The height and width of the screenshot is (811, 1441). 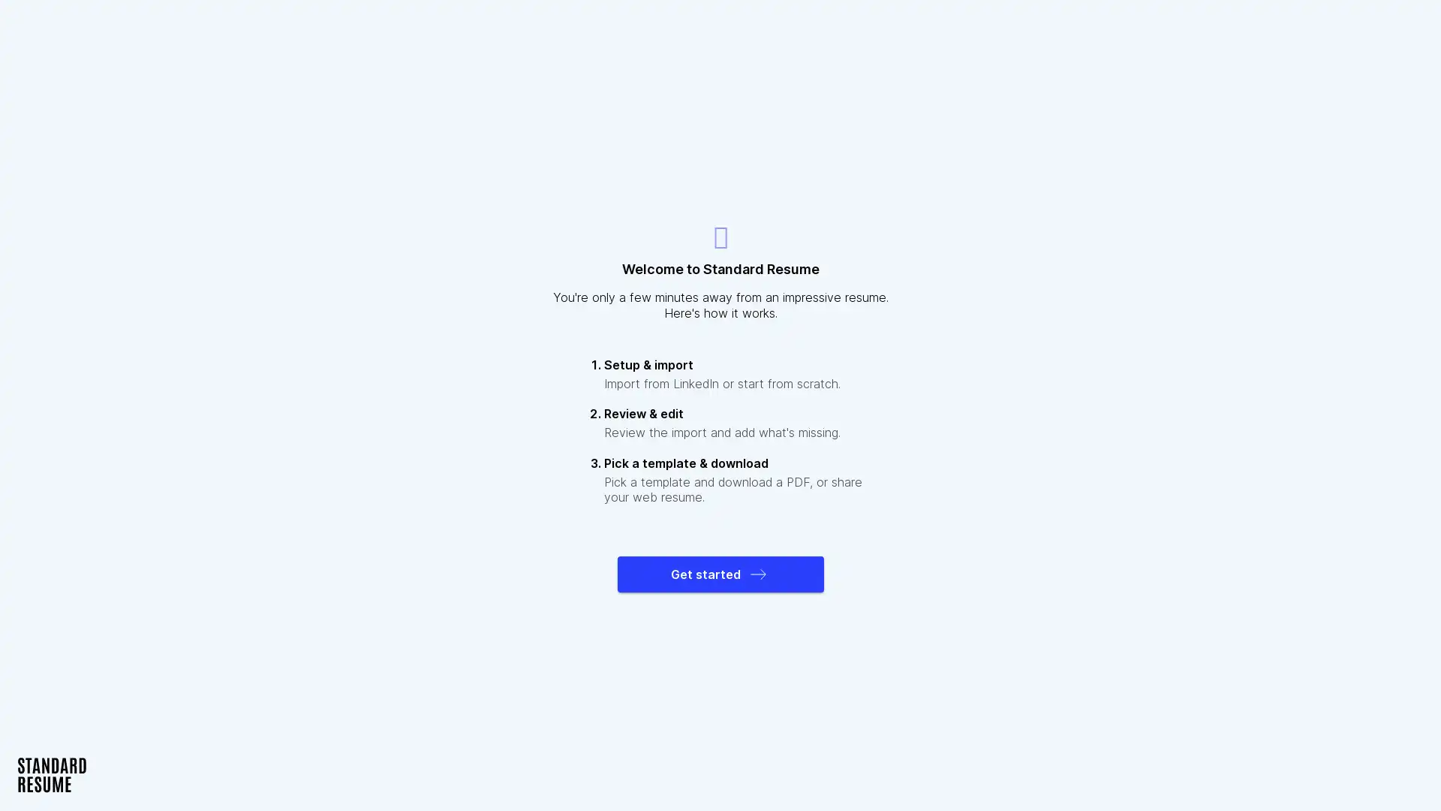 What do you see at coordinates (719, 574) in the screenshot?
I see `Get started` at bounding box center [719, 574].